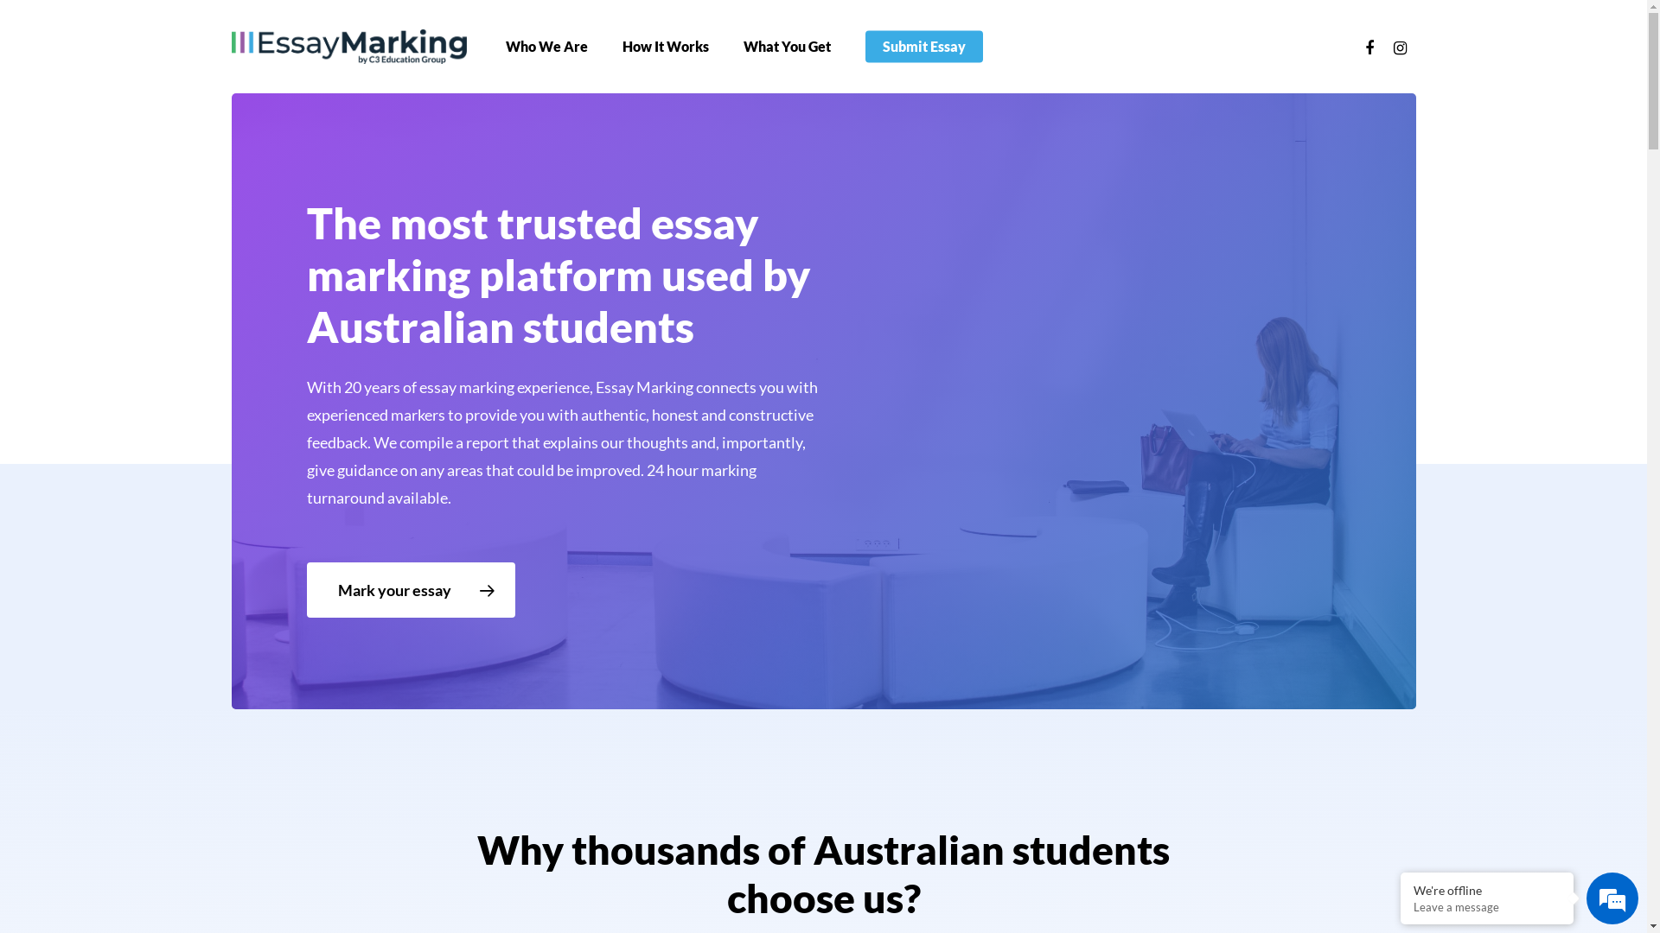 Image resolution: width=1660 pixels, height=933 pixels. Describe the element at coordinates (1401, 46) in the screenshot. I see `'instagram'` at that location.